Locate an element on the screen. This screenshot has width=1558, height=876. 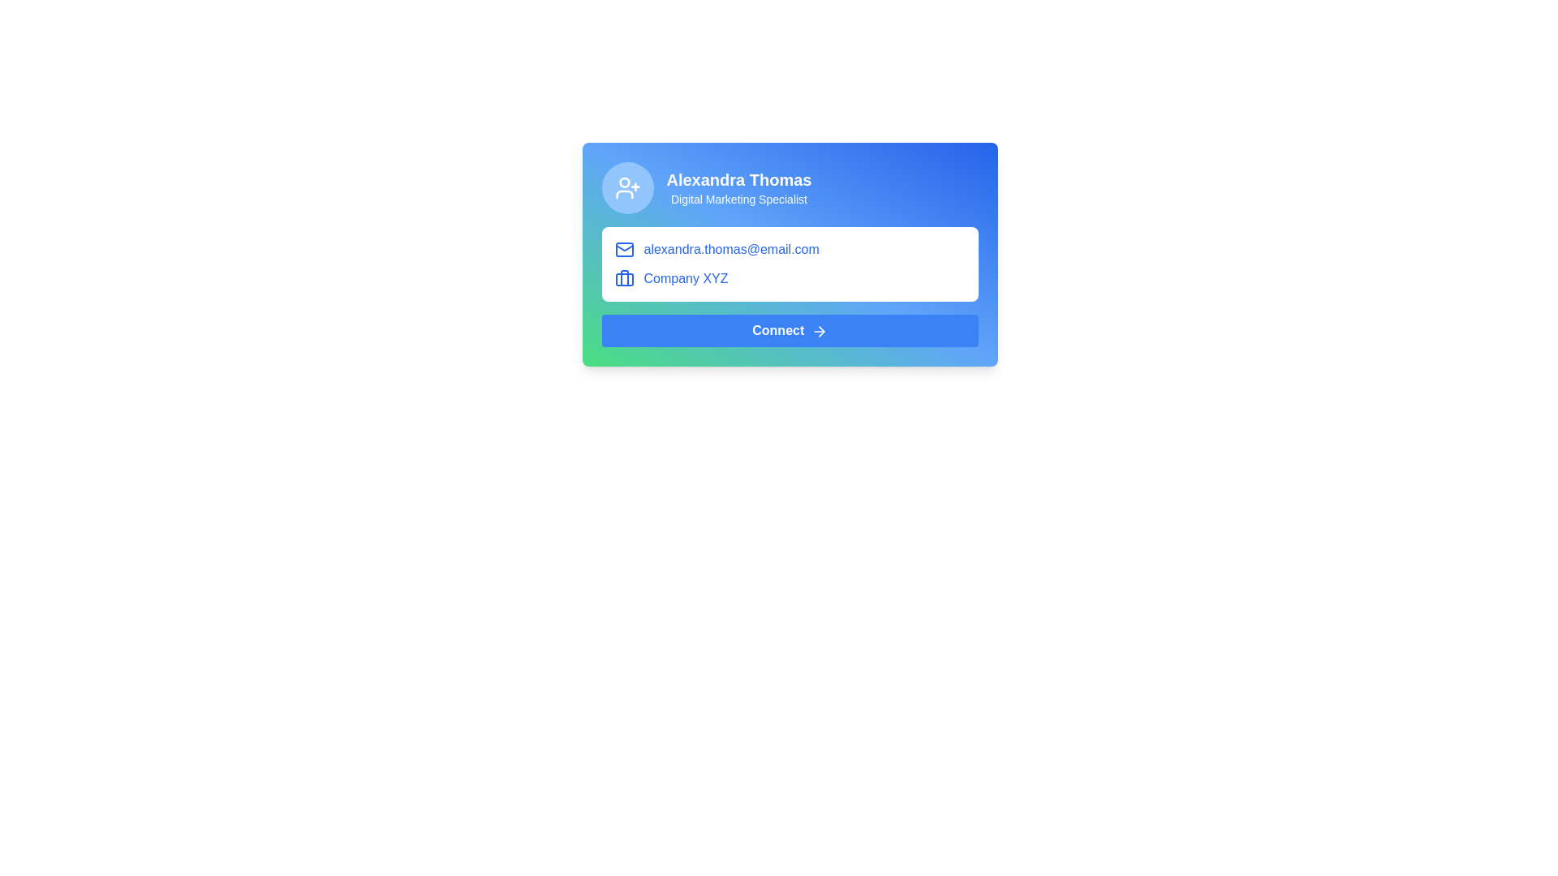
the rounded rectangular icon located to the left of the text 'Company XYZ' within the card layout is located at coordinates (623, 278).